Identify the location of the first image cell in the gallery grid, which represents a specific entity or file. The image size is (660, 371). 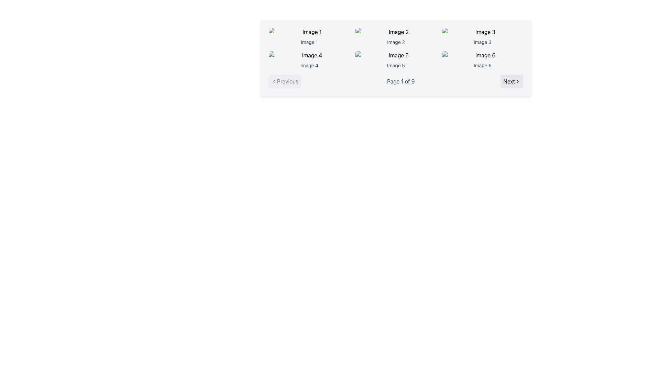
(309, 37).